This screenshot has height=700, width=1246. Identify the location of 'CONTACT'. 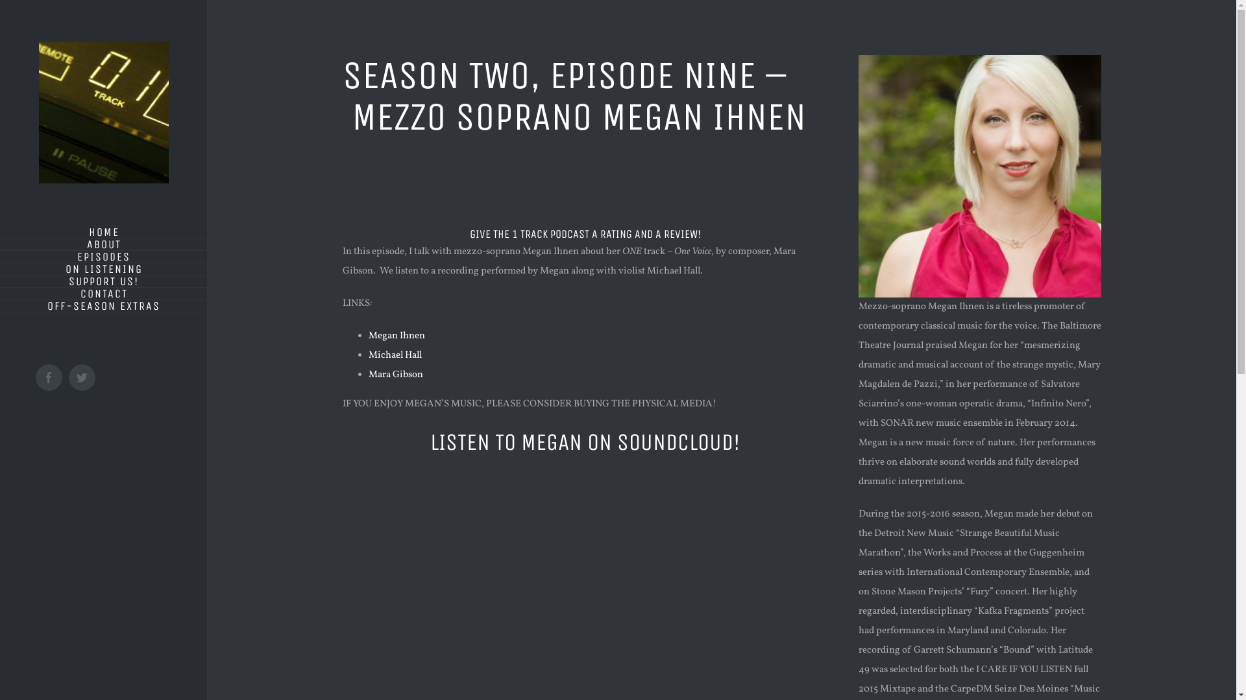
(103, 294).